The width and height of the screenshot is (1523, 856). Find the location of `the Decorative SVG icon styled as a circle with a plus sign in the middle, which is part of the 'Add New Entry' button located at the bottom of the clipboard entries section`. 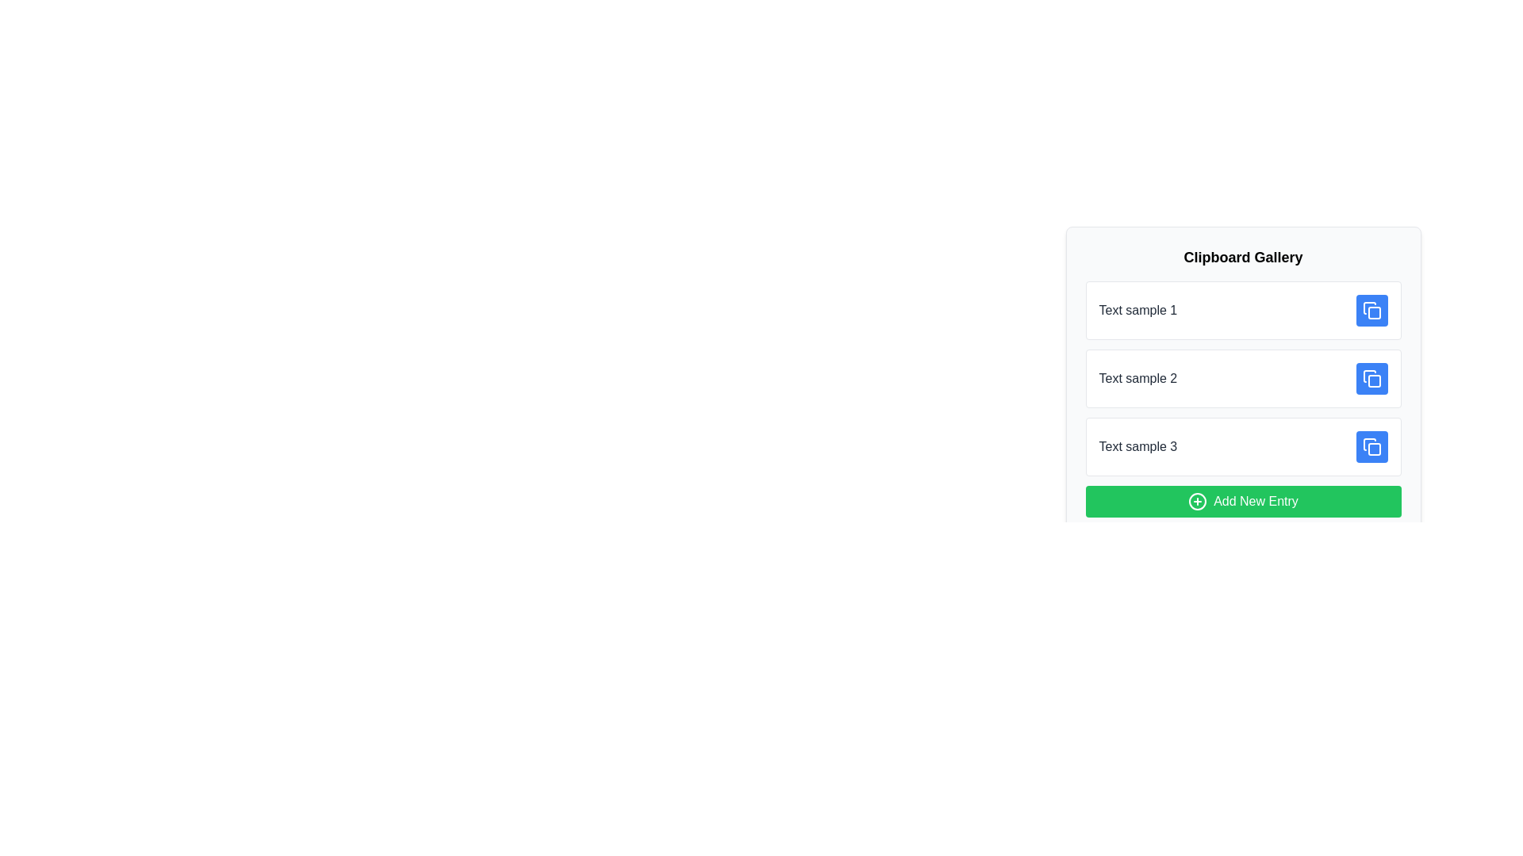

the Decorative SVG icon styled as a circle with a plus sign in the middle, which is part of the 'Add New Entry' button located at the bottom of the clipboard entries section is located at coordinates (1198, 501).